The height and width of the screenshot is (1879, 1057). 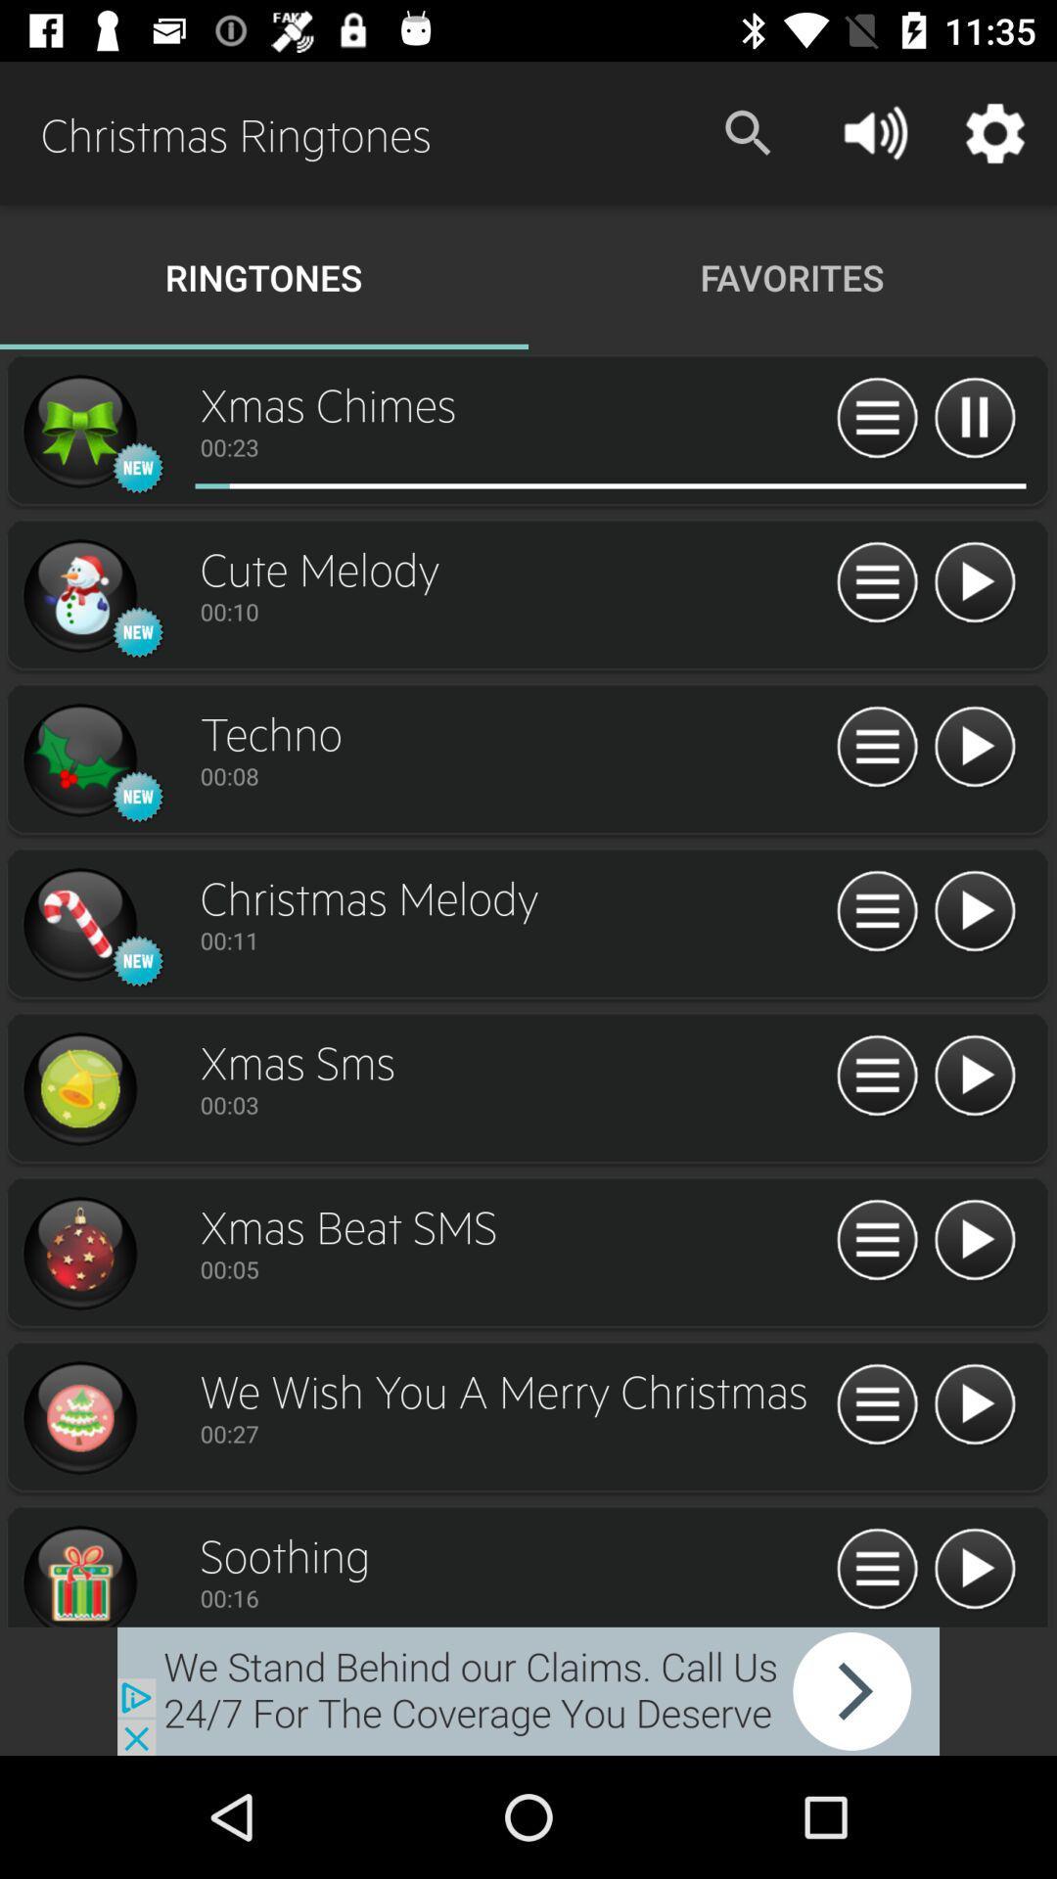 What do you see at coordinates (78, 431) in the screenshot?
I see `audio` at bounding box center [78, 431].